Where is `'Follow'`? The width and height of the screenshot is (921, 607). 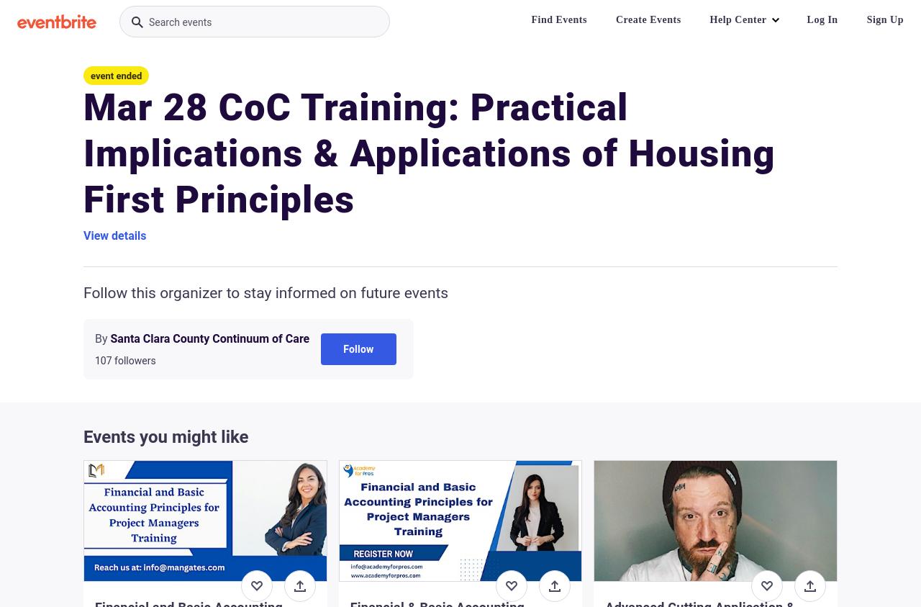
'Follow' is located at coordinates (358, 349).